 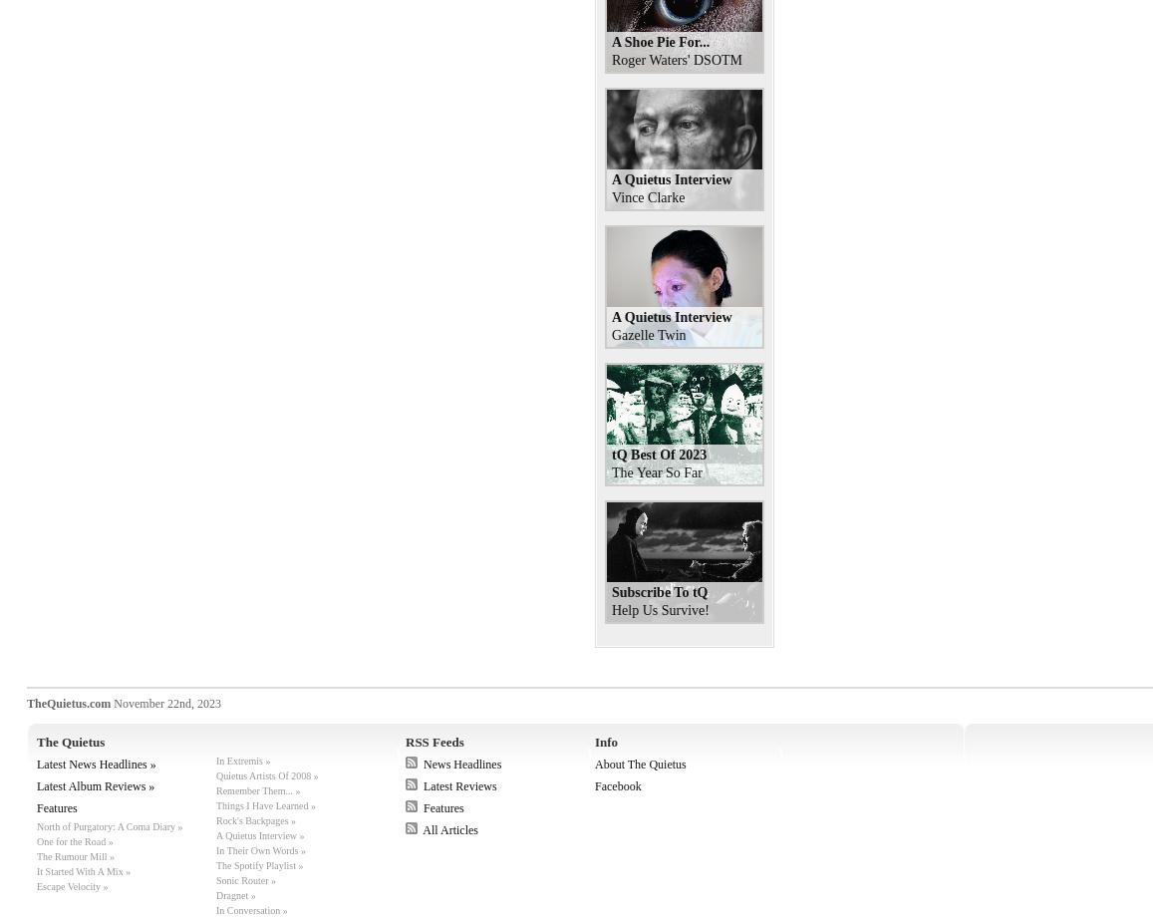 What do you see at coordinates (265, 775) in the screenshot?
I see `'Quietus Artists Of 2008 »'` at bounding box center [265, 775].